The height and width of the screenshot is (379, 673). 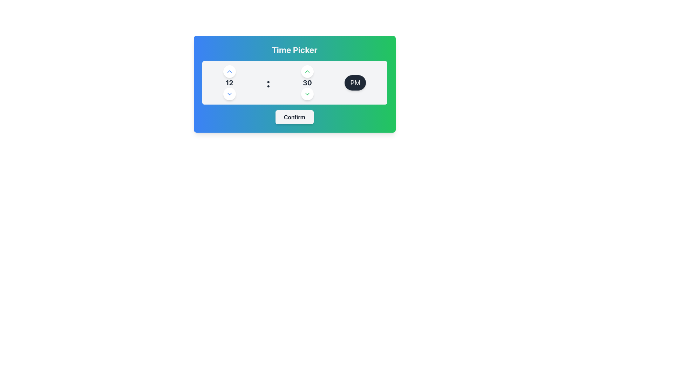 I want to click on the 'Confirm' button, which is a rectangular button with a light gray background and rounded corners, centrally located beneath the time picker interface, so click(x=294, y=117).